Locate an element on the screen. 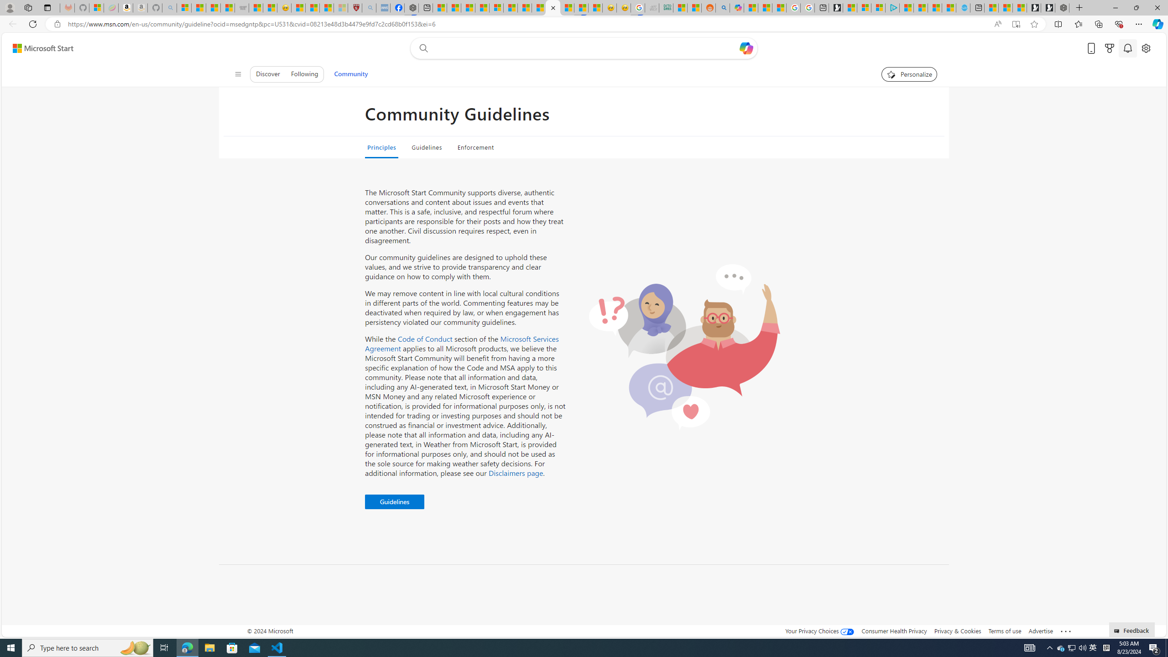 The image size is (1168, 657). 'Add this page to favorites (Ctrl+D)' is located at coordinates (1034, 24).